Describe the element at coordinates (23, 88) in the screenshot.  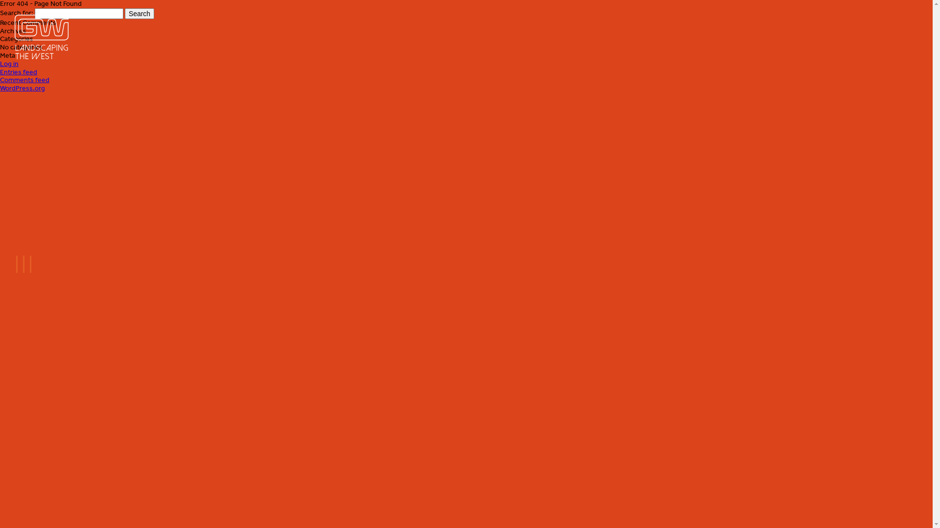
I see `'WordPress.org'` at that location.